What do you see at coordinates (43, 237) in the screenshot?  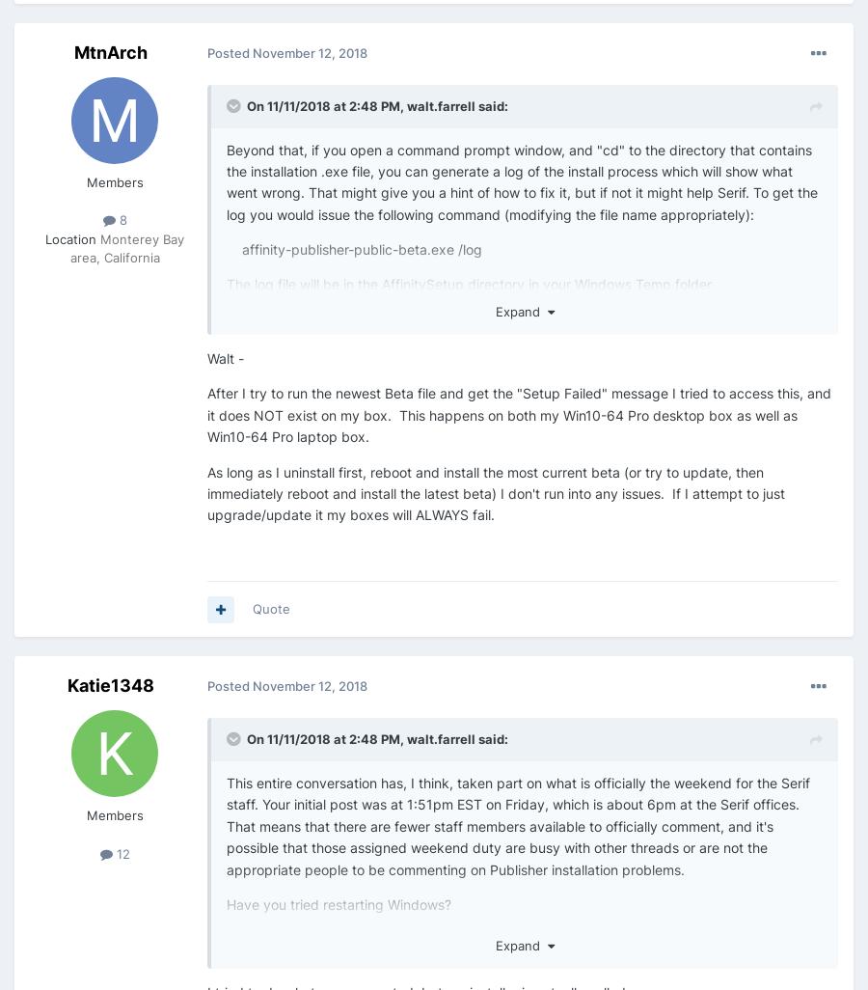 I see `'Location'` at bounding box center [43, 237].